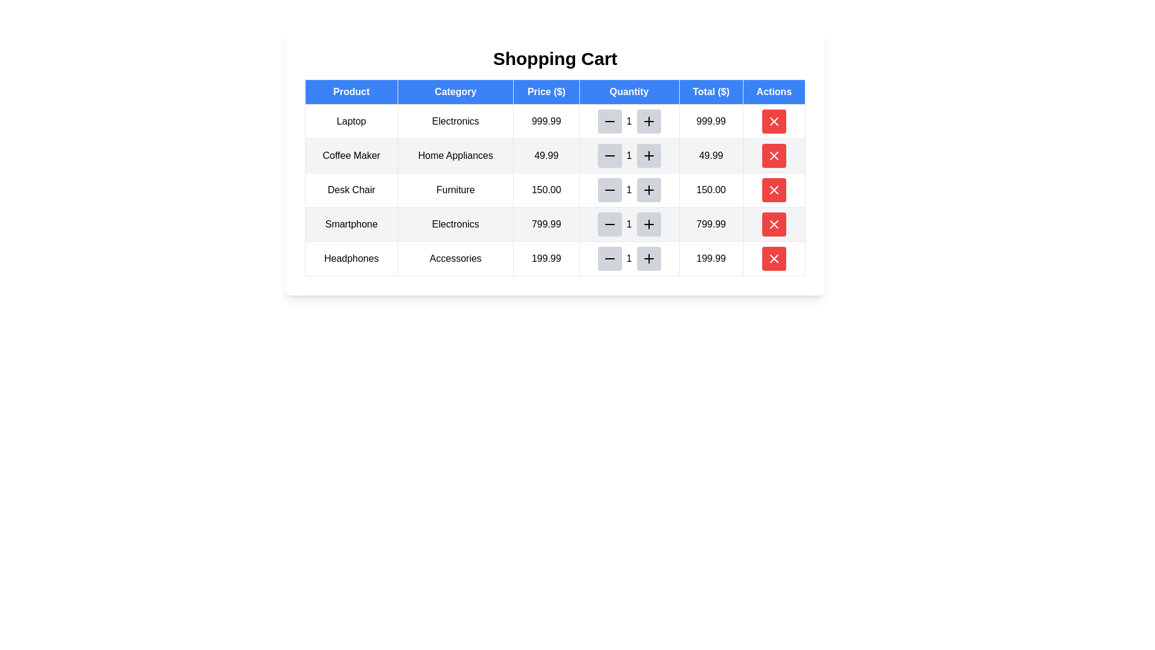 The image size is (1155, 650). I want to click on text of the Static Label located in the third row, first column of the table under the 'Product' column header, which identifies the product 'Coffee Maker', so click(351, 190).